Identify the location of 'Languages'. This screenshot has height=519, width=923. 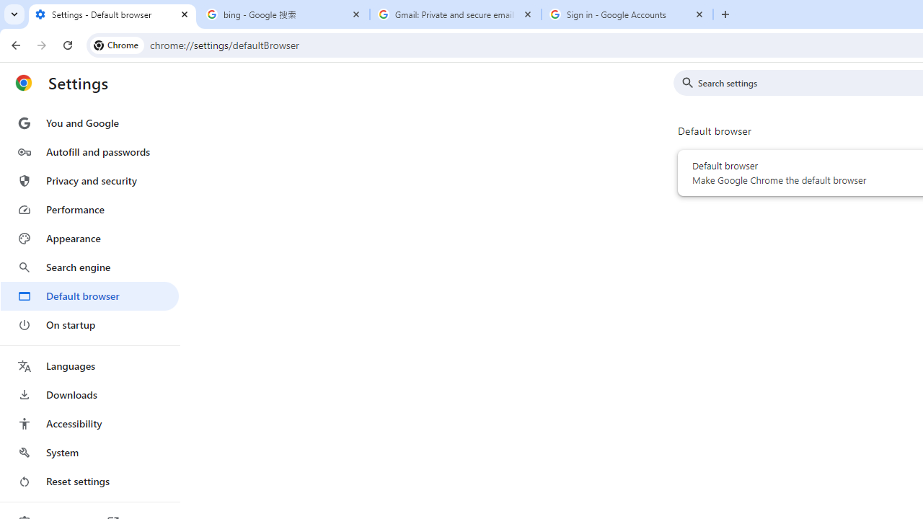
(89, 365).